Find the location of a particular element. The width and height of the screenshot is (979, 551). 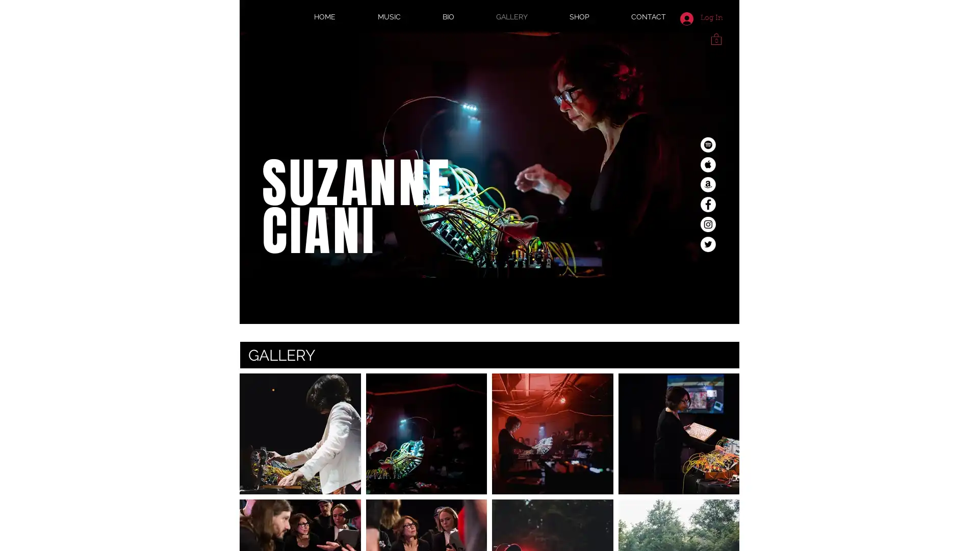

2018 for BBC Proms at Royal Albert Hall is located at coordinates (300, 434).